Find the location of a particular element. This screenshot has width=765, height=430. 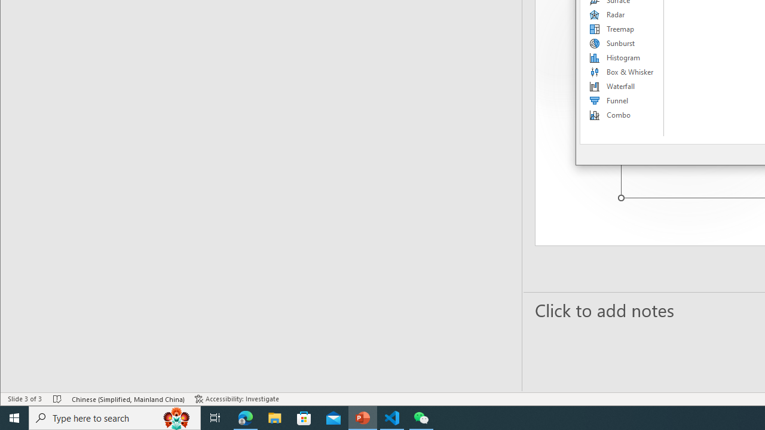

'Waterfall' is located at coordinates (622, 86).